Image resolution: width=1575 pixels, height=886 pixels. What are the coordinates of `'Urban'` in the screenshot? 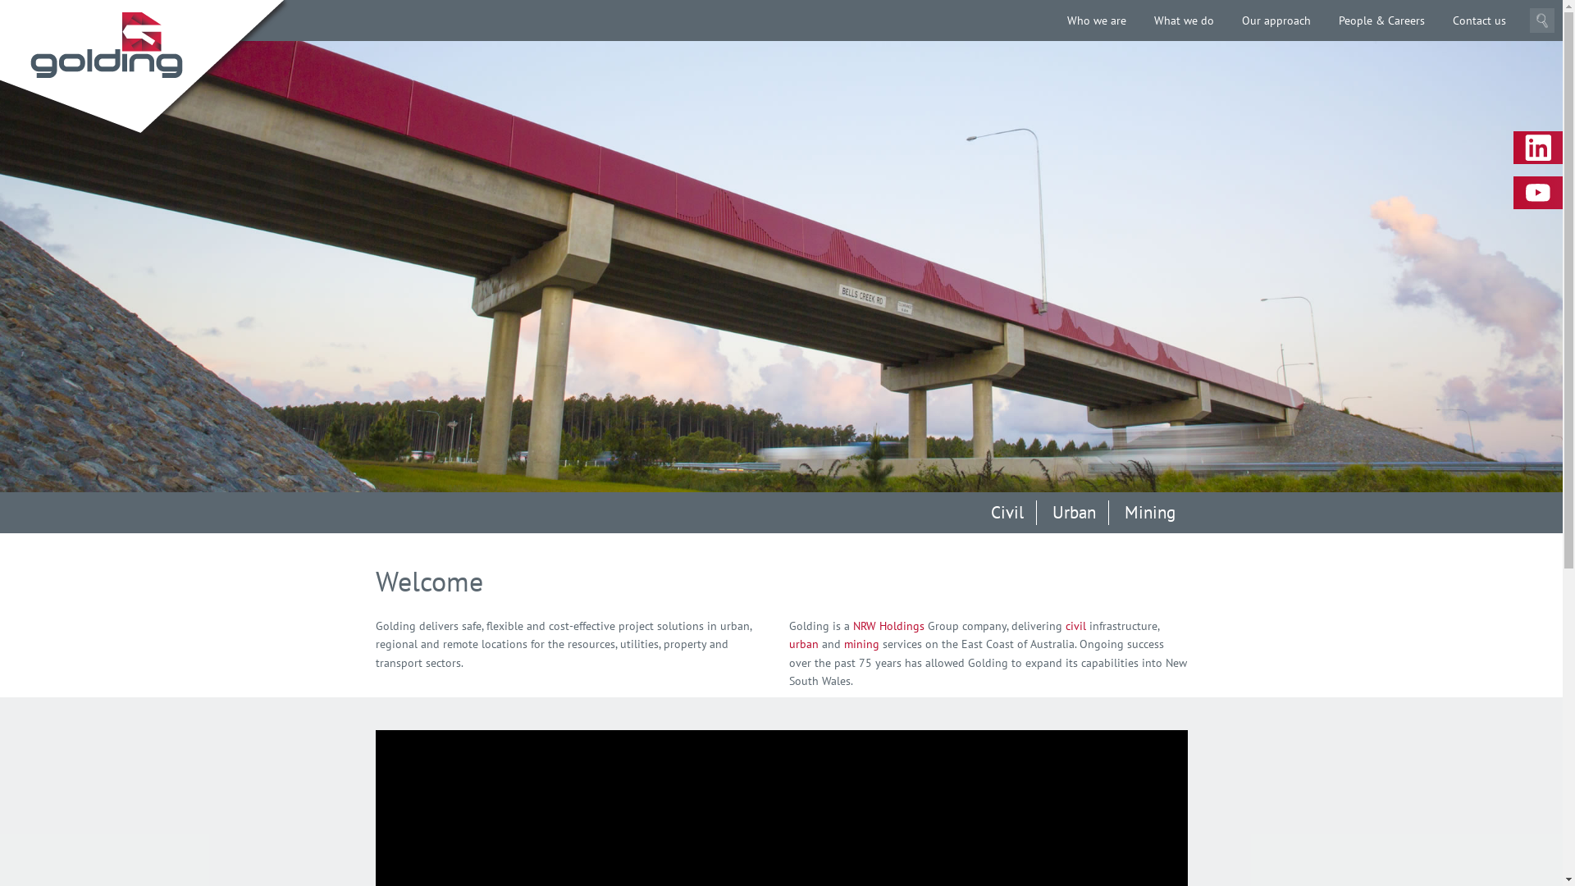 It's located at (1039, 511).